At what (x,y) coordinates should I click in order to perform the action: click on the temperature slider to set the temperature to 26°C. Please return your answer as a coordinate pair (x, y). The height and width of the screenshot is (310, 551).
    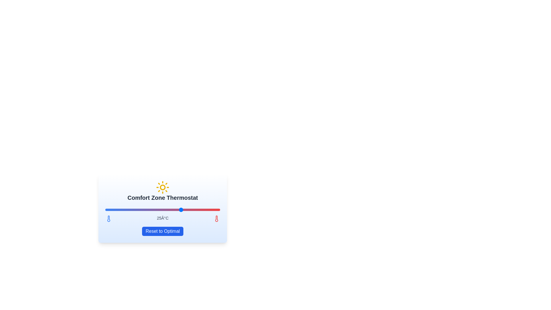
    Looking at the image, I should click on (189, 210).